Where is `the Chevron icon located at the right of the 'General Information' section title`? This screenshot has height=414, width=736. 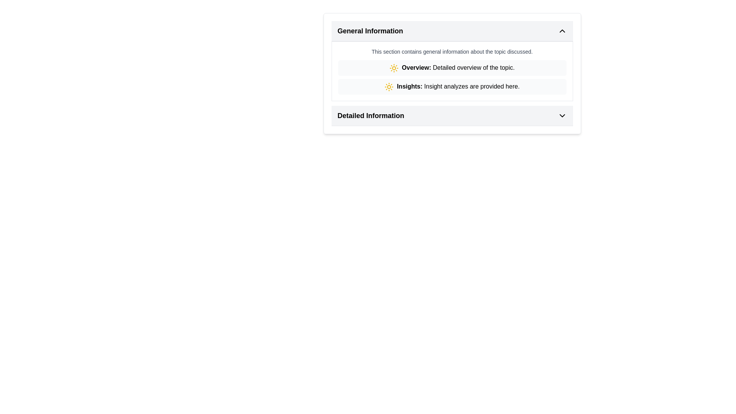 the Chevron icon located at the right of the 'General Information' section title is located at coordinates (562, 31).